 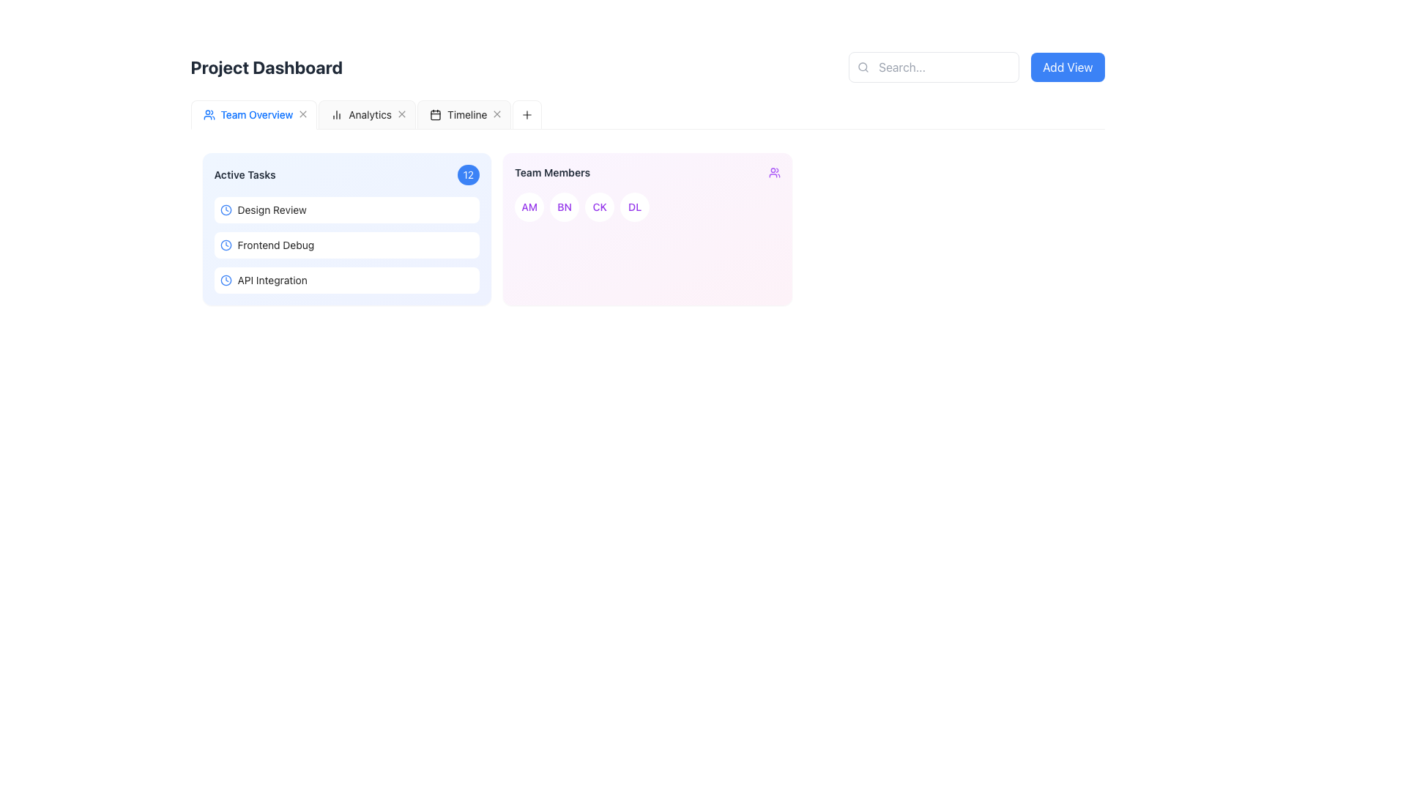 I want to click on the plus icon located at the top center of the interface within the 'Add tab' button, so click(x=527, y=114).